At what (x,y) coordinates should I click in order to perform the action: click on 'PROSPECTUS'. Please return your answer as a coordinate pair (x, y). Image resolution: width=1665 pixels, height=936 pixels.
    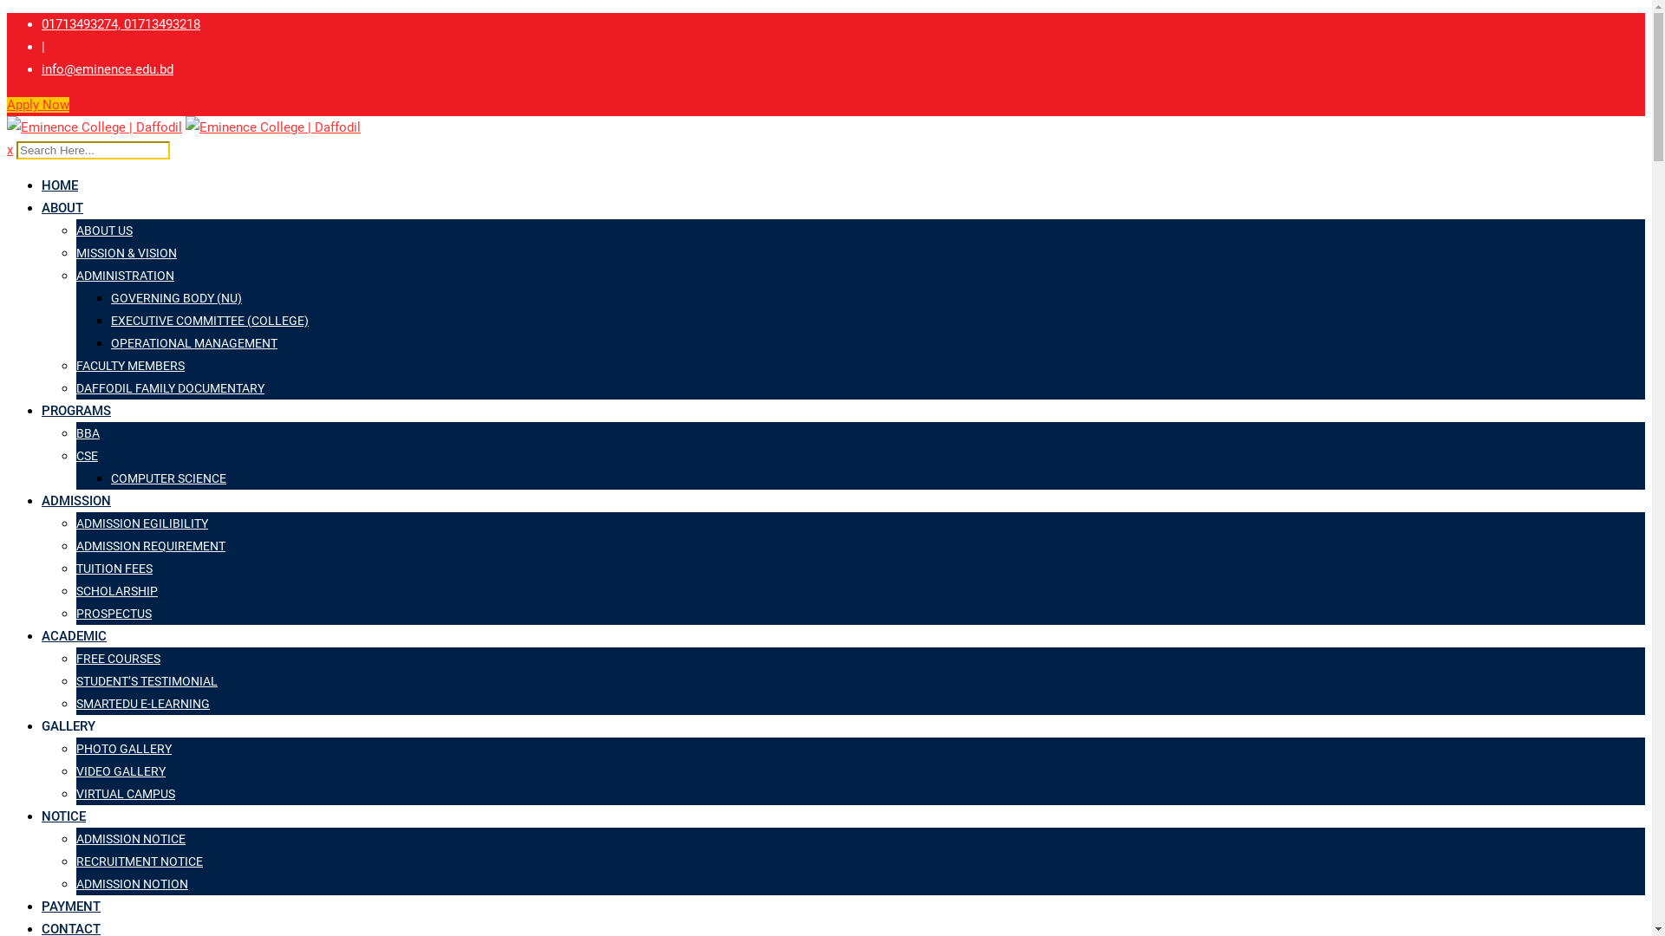
    Looking at the image, I should click on (113, 613).